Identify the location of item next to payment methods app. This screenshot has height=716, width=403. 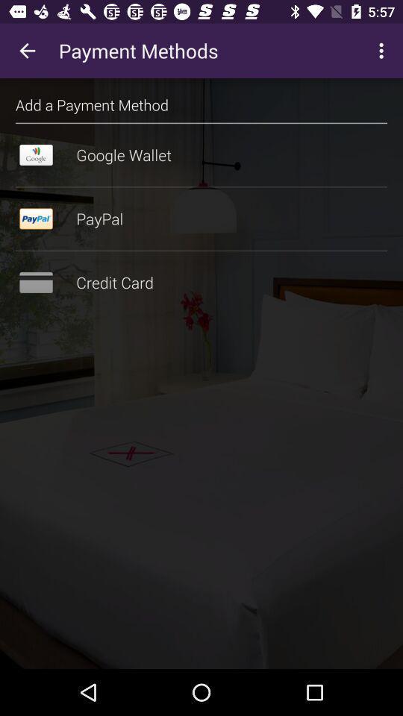
(383, 51).